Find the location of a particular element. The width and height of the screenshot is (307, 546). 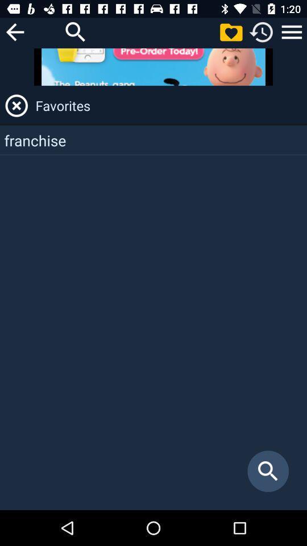

favorites icon is located at coordinates (169, 105).